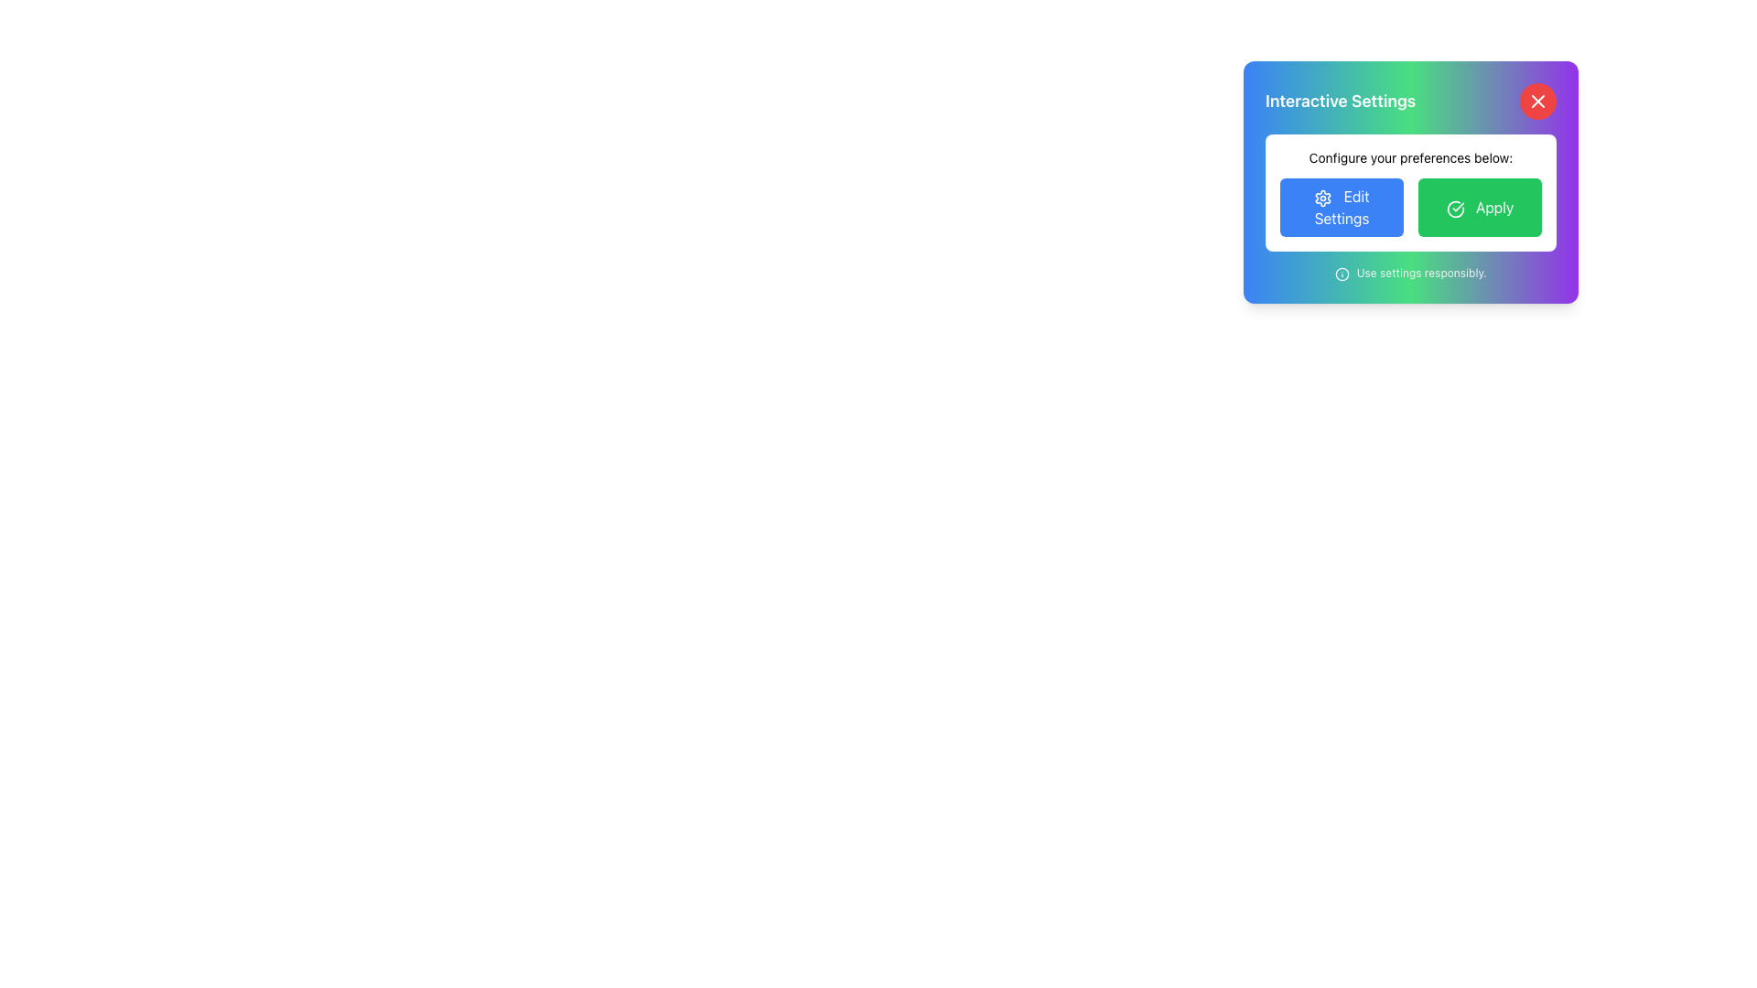  What do you see at coordinates (1409, 274) in the screenshot?
I see `the text label 'Use settings responsibly.' with a small information icon, located in the footer section of the interactive settings panel` at bounding box center [1409, 274].